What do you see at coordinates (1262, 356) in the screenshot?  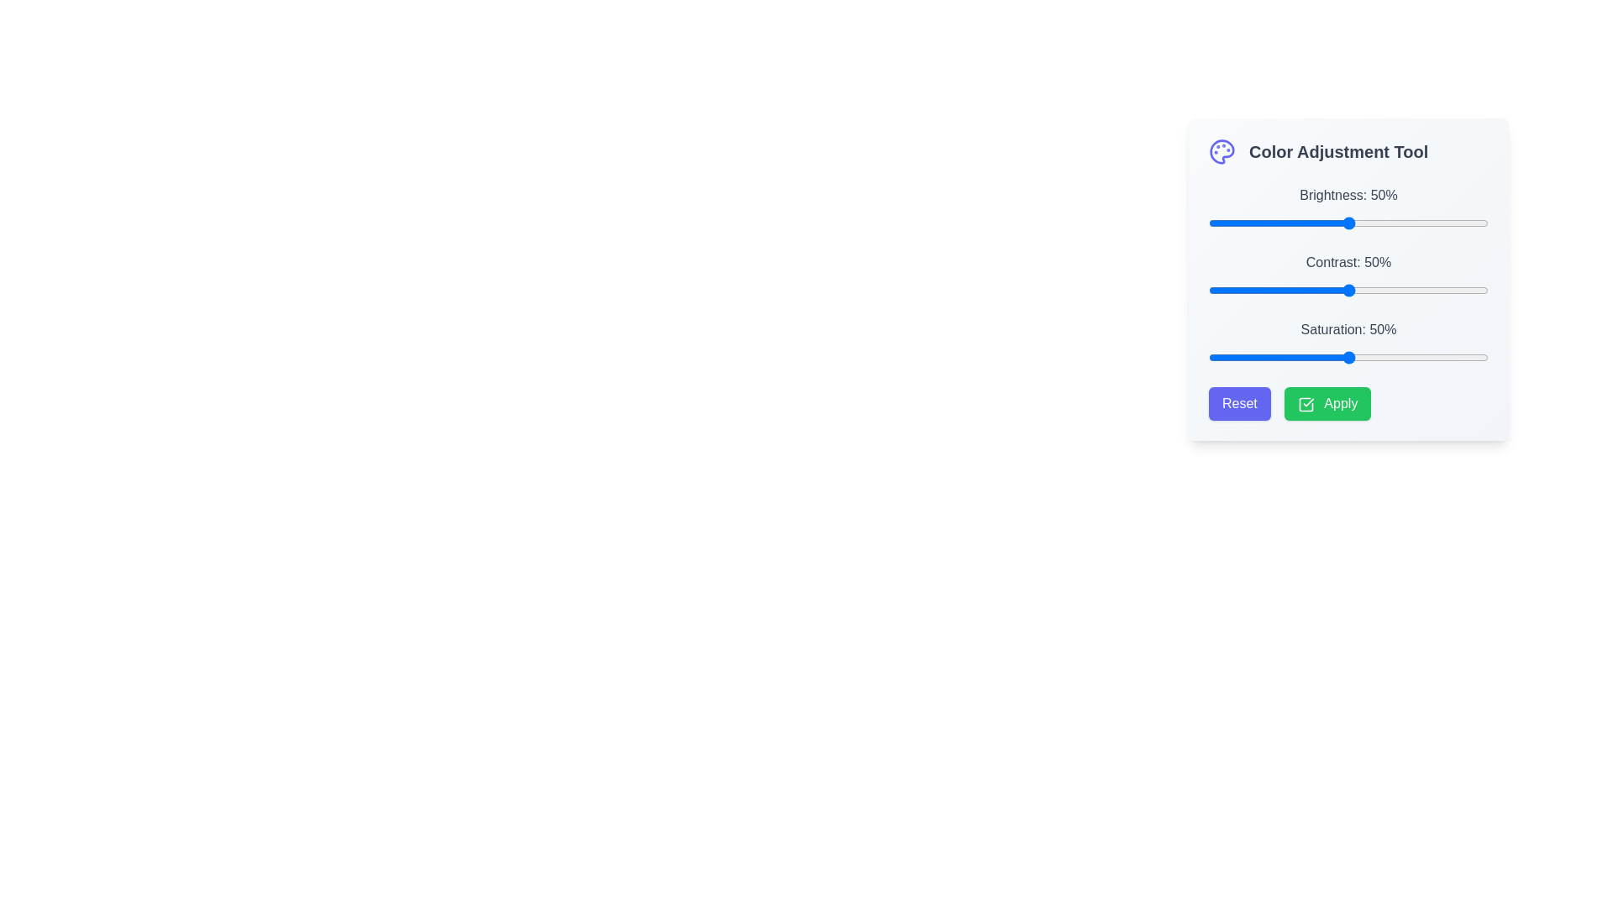 I see `saturation` at bounding box center [1262, 356].